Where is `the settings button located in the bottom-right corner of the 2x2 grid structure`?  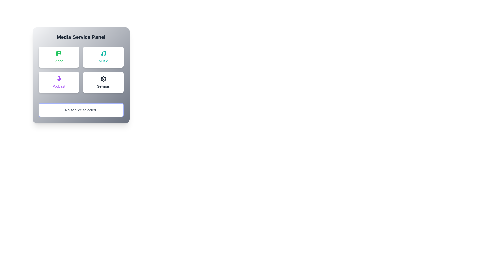 the settings button located in the bottom-right corner of the 2x2 grid structure is located at coordinates (103, 82).